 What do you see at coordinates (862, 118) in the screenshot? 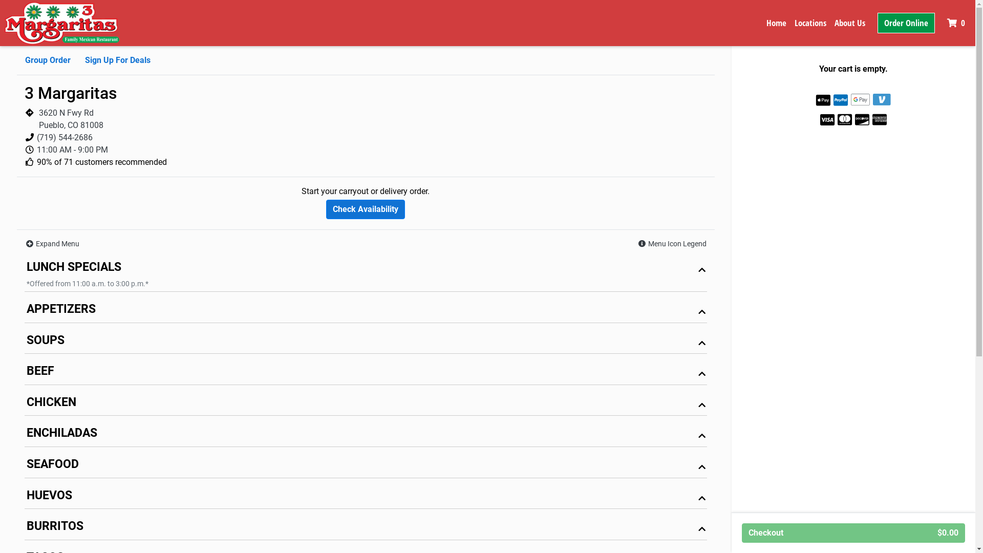
I see `'Accepts Discover'` at bounding box center [862, 118].